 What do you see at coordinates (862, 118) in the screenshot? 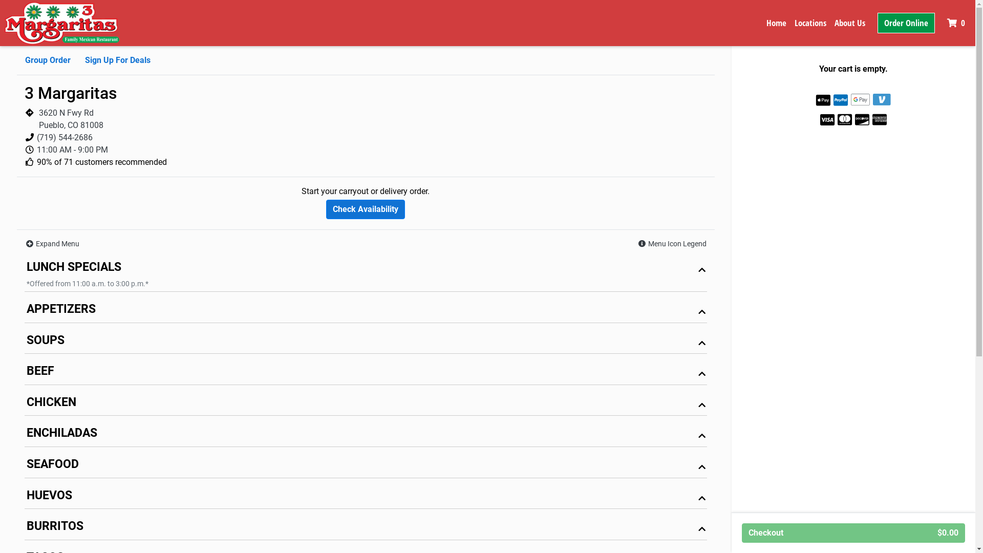
I see `'Accepts Discover'` at bounding box center [862, 118].